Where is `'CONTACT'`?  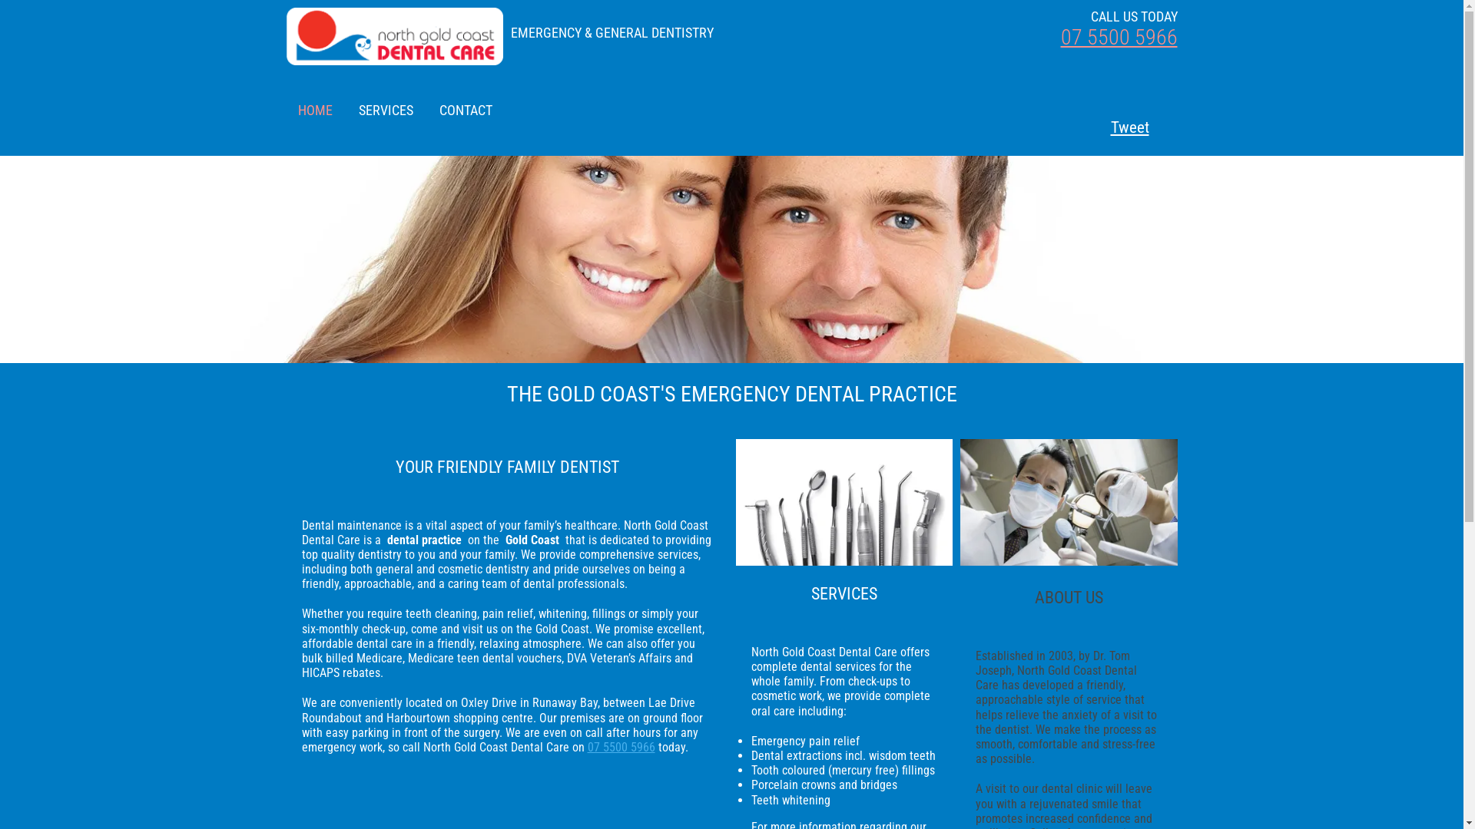 'CONTACT' is located at coordinates (465, 109).